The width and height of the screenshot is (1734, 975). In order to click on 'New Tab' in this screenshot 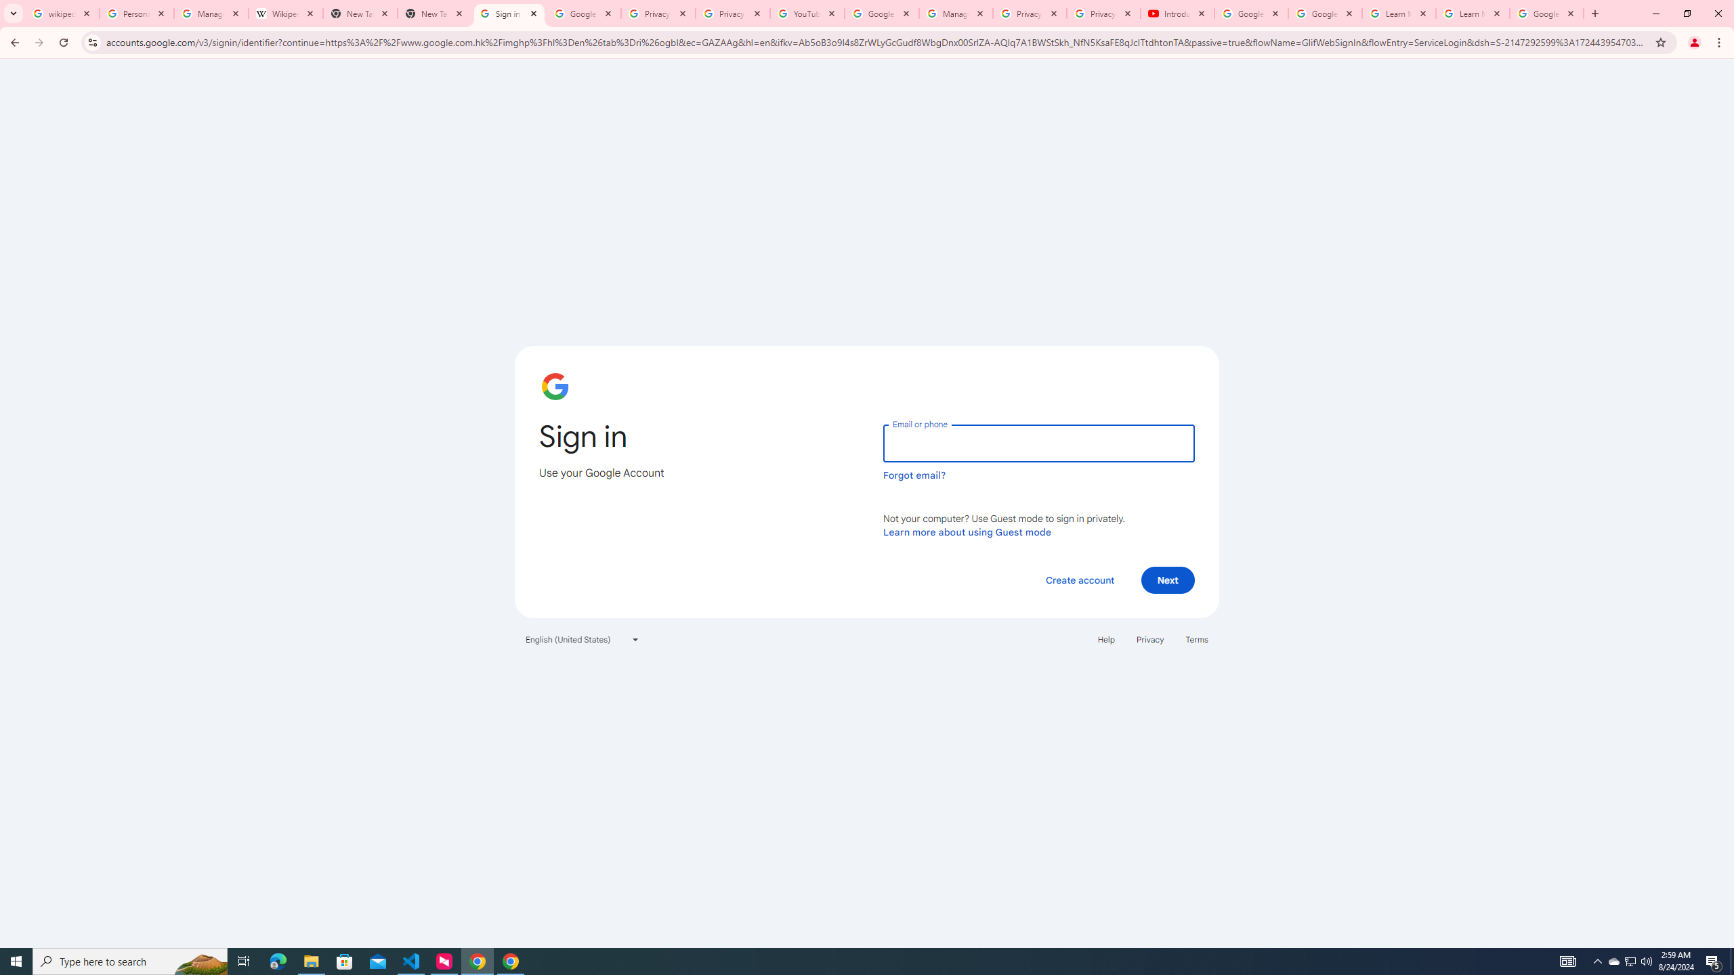, I will do `click(434, 13)`.